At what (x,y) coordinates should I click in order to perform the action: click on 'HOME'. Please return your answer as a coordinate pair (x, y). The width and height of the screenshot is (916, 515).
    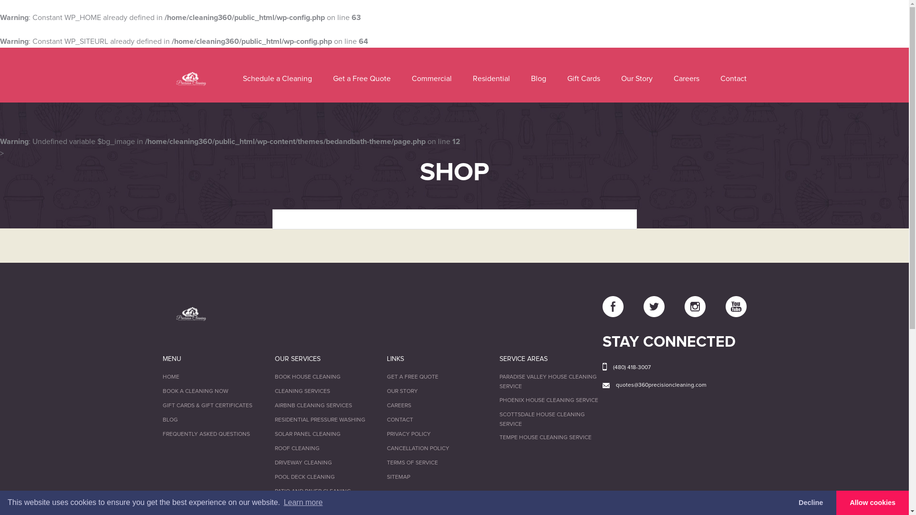
    Looking at the image, I should click on (162, 376).